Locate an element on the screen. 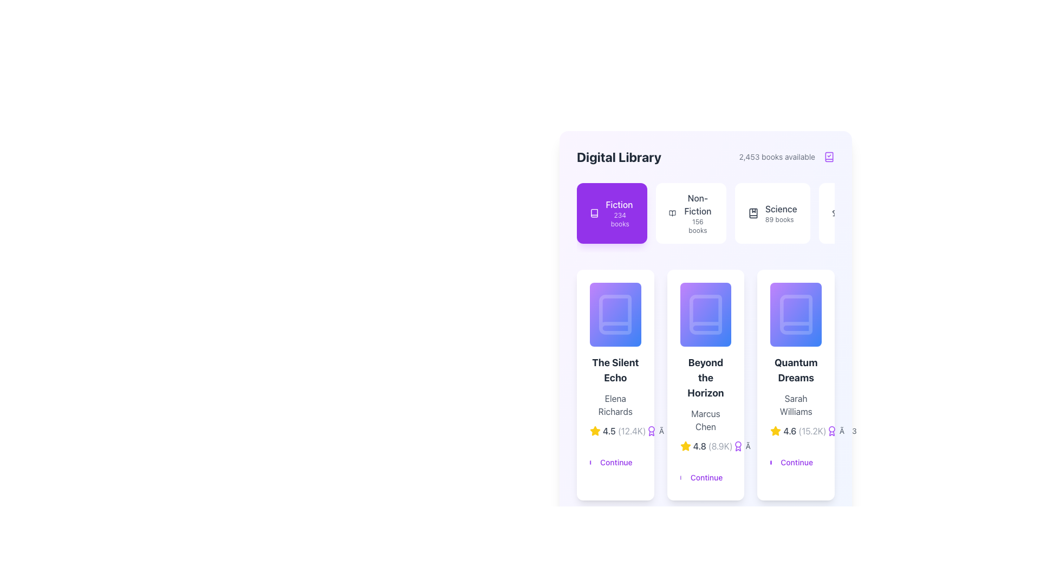 The image size is (1040, 585). the author's name text element located below 'Quantum Dreams' and above the rating information is located at coordinates (796, 405).